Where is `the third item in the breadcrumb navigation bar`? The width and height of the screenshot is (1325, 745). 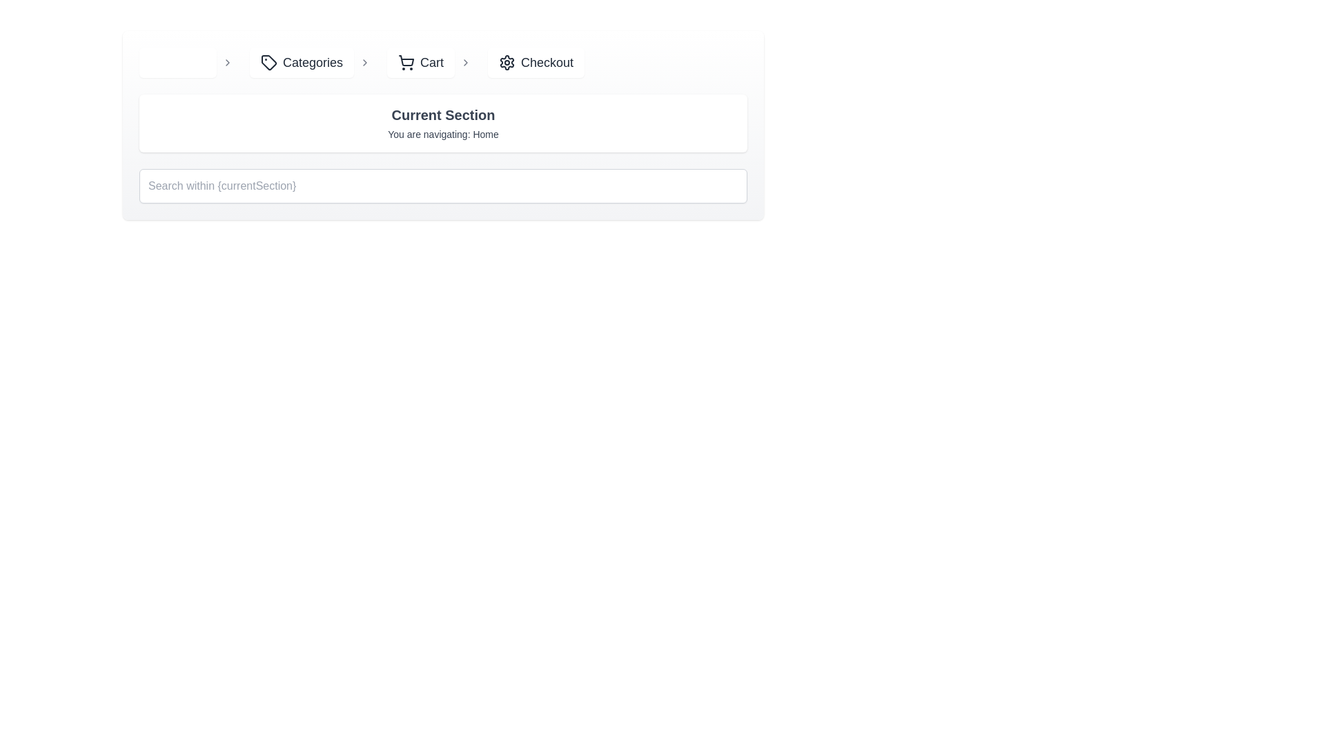 the third item in the breadcrumb navigation bar is located at coordinates (431, 63).